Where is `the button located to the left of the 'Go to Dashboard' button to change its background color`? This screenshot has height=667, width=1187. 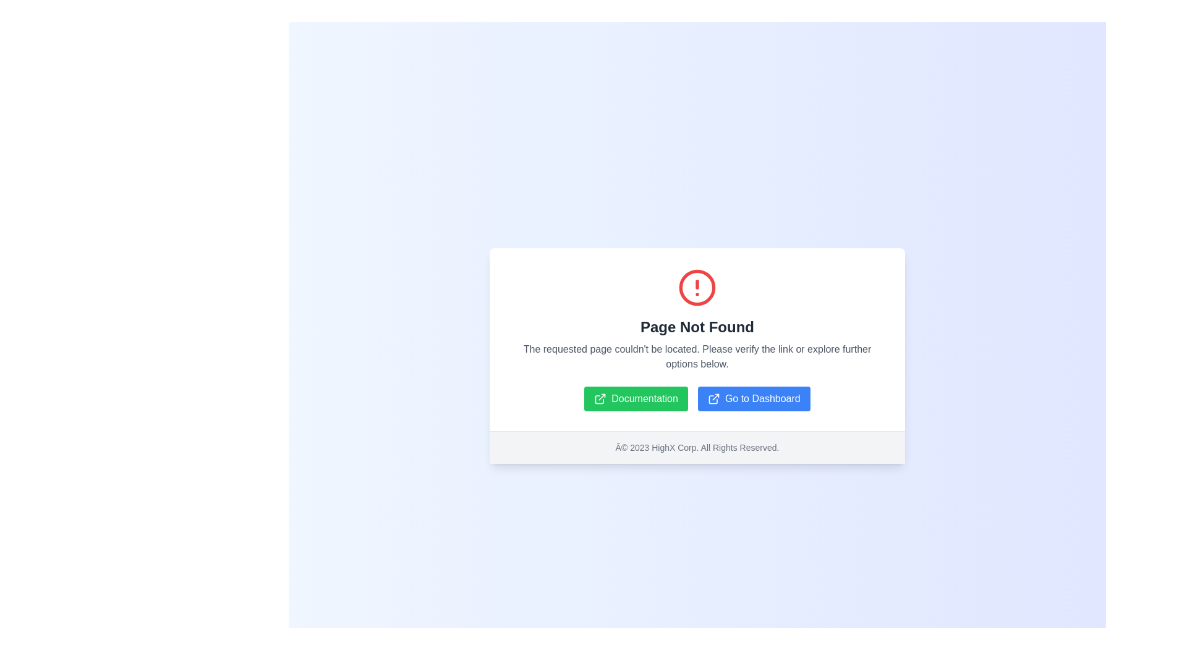 the button located to the left of the 'Go to Dashboard' button to change its background color is located at coordinates (636, 398).